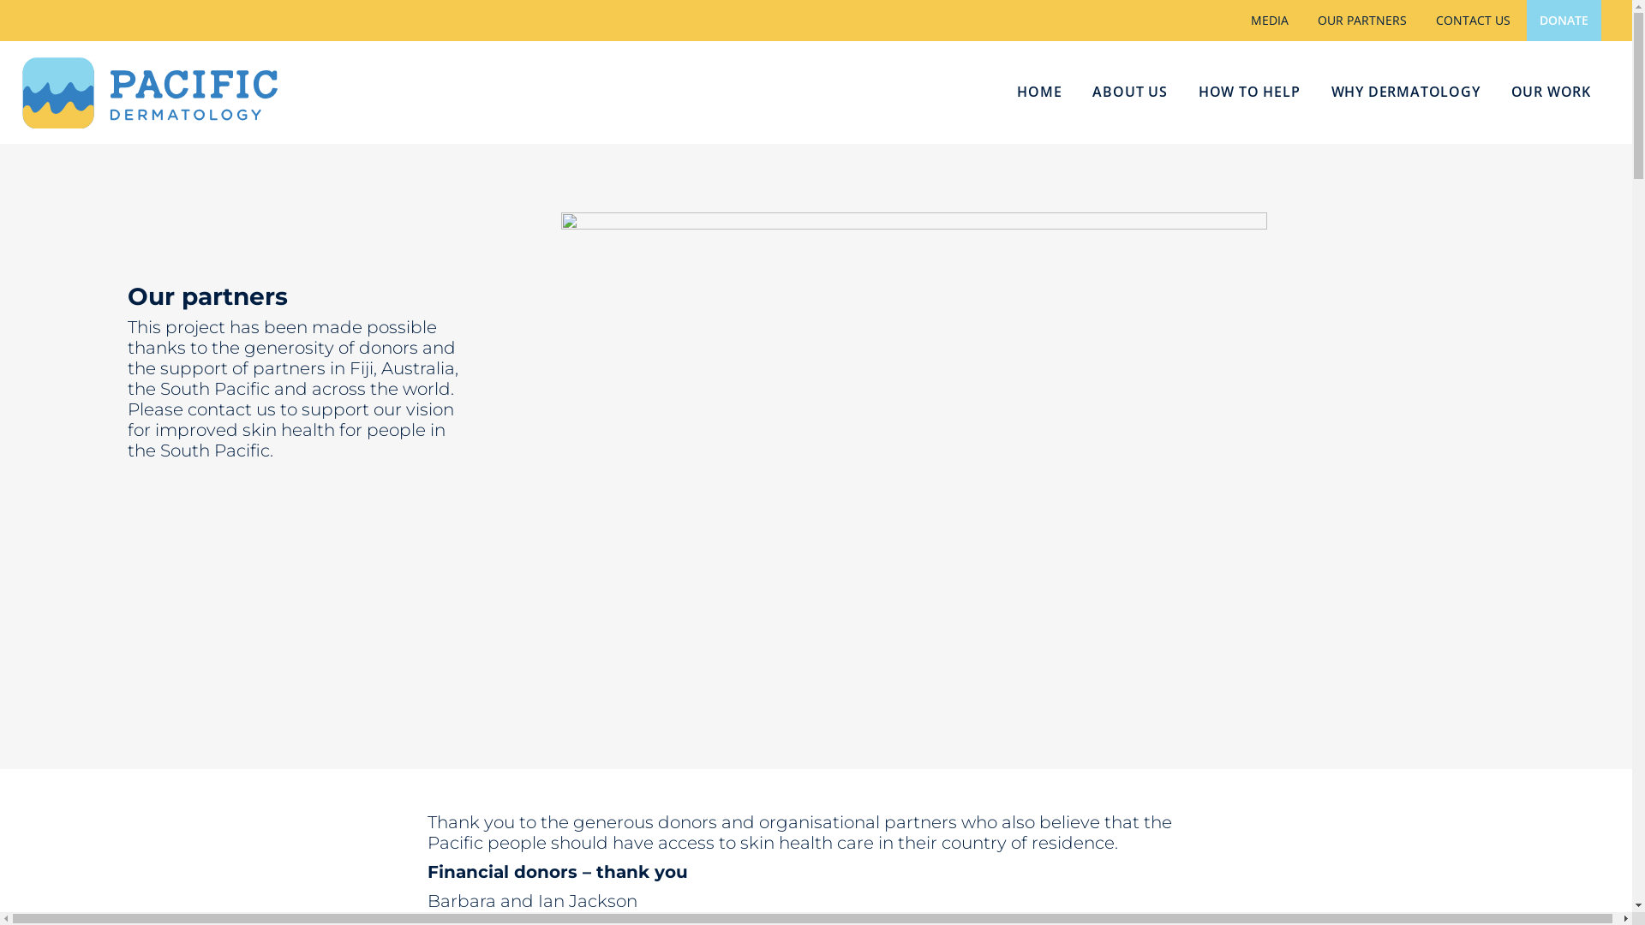 This screenshot has width=1645, height=925. I want to click on 'HOW TO HELP', so click(1249, 92).